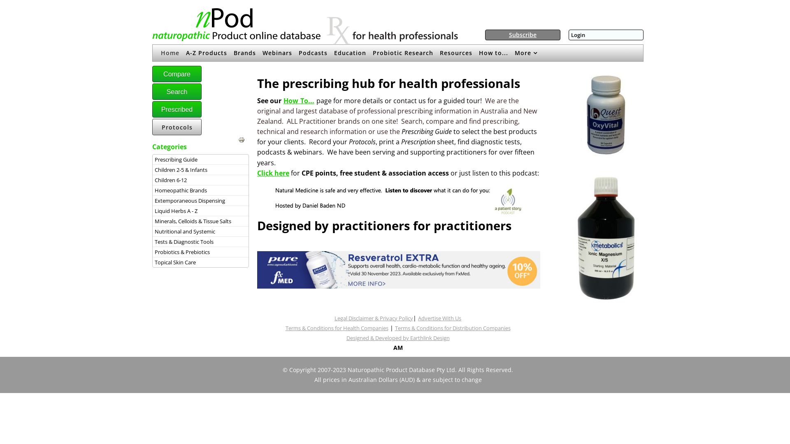 The height and width of the screenshot is (444, 790). Describe the element at coordinates (313, 53) in the screenshot. I see `'Podcasts'` at that location.